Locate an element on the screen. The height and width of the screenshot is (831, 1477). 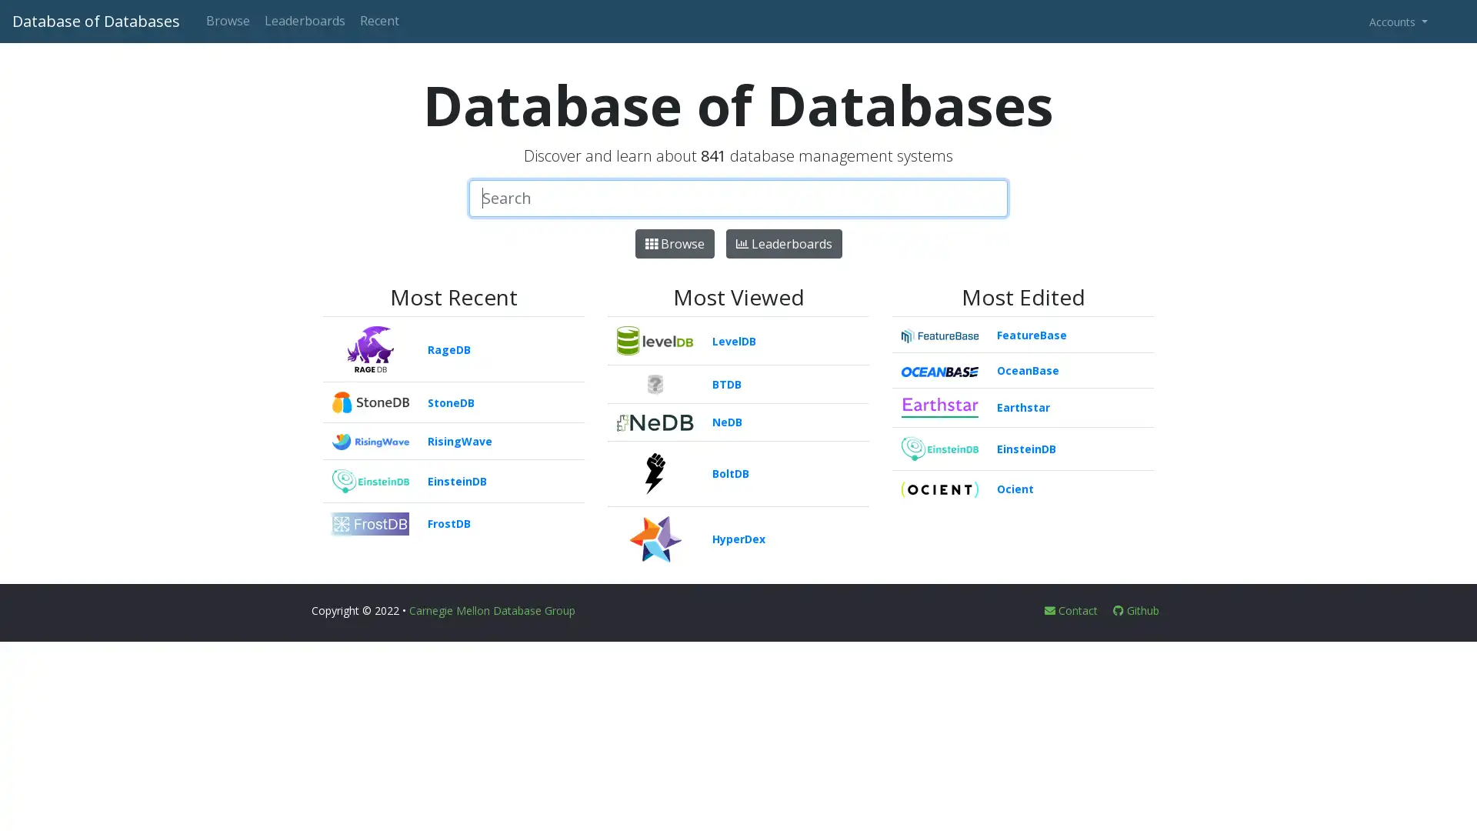
Browse is located at coordinates (674, 242).